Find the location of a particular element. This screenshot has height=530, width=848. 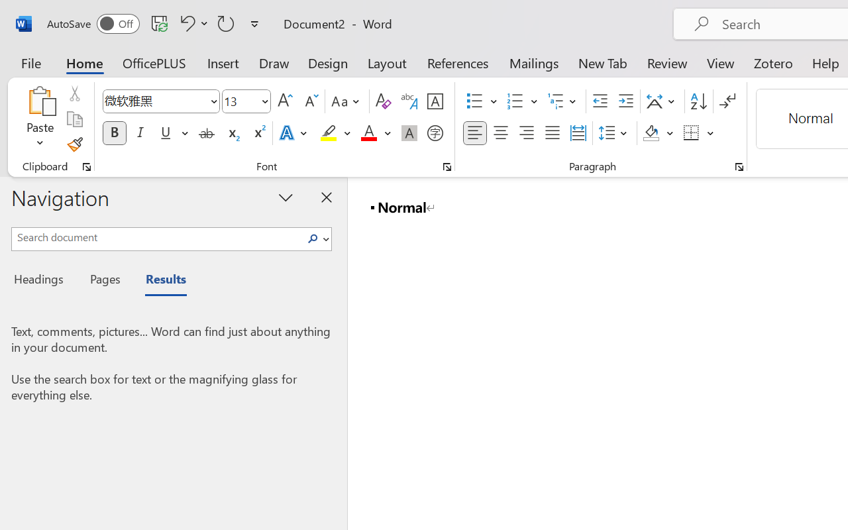

'Font Size' is located at coordinates (246, 101).